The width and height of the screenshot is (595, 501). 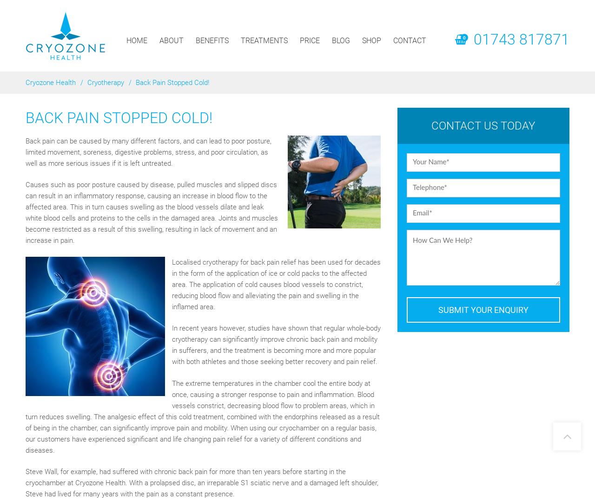 I want to click on 'Conditions', so click(x=180, y=81).